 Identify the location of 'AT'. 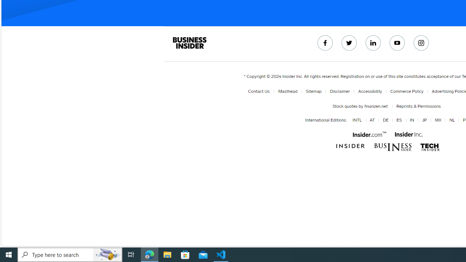
(372, 120).